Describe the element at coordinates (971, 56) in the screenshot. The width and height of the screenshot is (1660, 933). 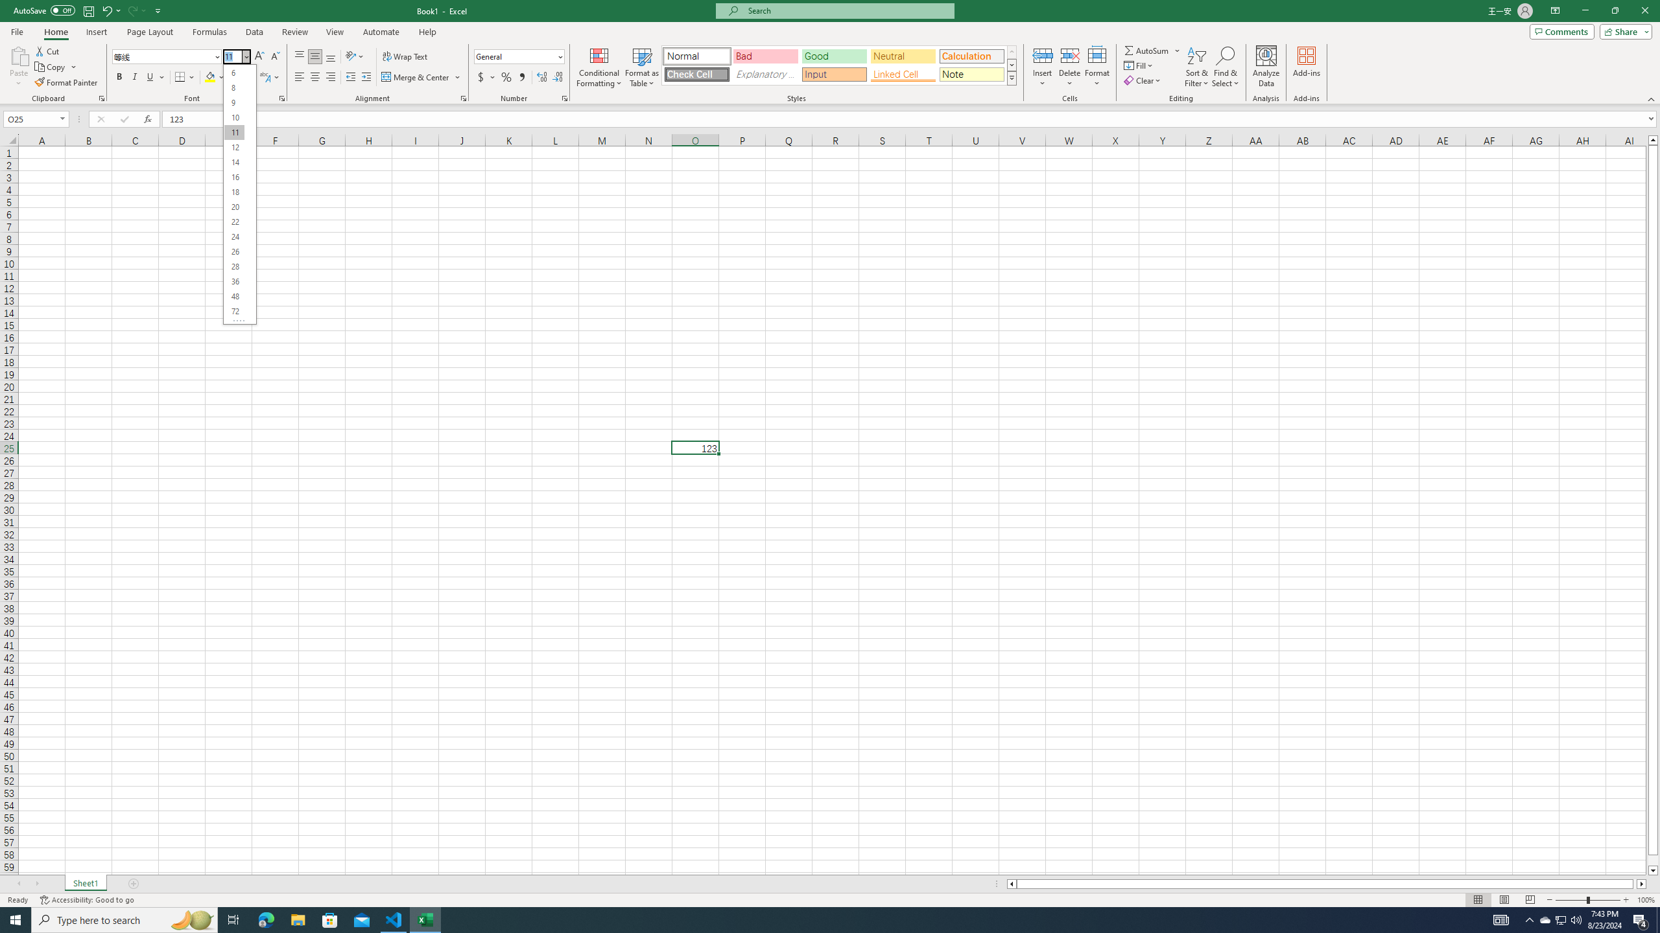
I see `'Calculation'` at that location.